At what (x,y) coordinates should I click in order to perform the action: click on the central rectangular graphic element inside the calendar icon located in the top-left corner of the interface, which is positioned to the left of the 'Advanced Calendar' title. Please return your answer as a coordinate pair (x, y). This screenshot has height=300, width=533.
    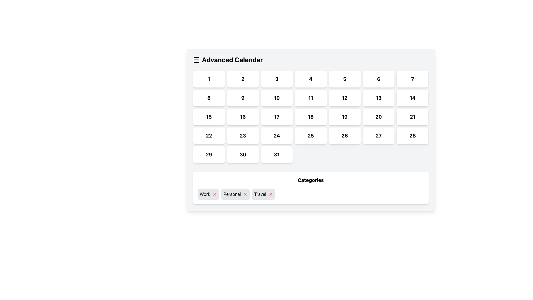
    Looking at the image, I should click on (196, 60).